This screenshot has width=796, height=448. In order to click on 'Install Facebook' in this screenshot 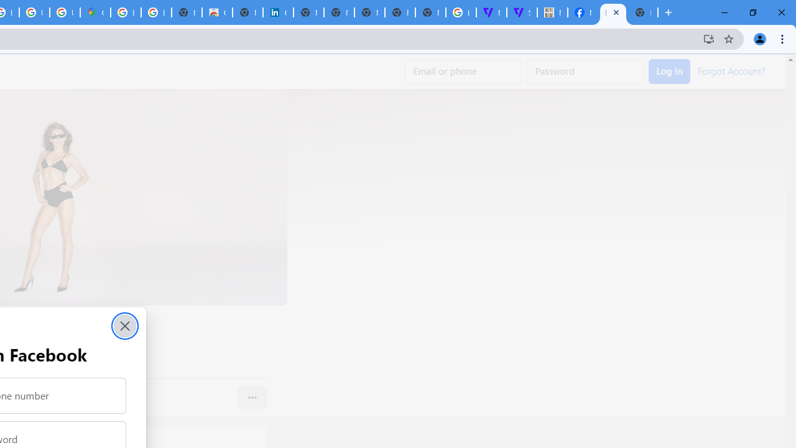, I will do `click(708, 38)`.